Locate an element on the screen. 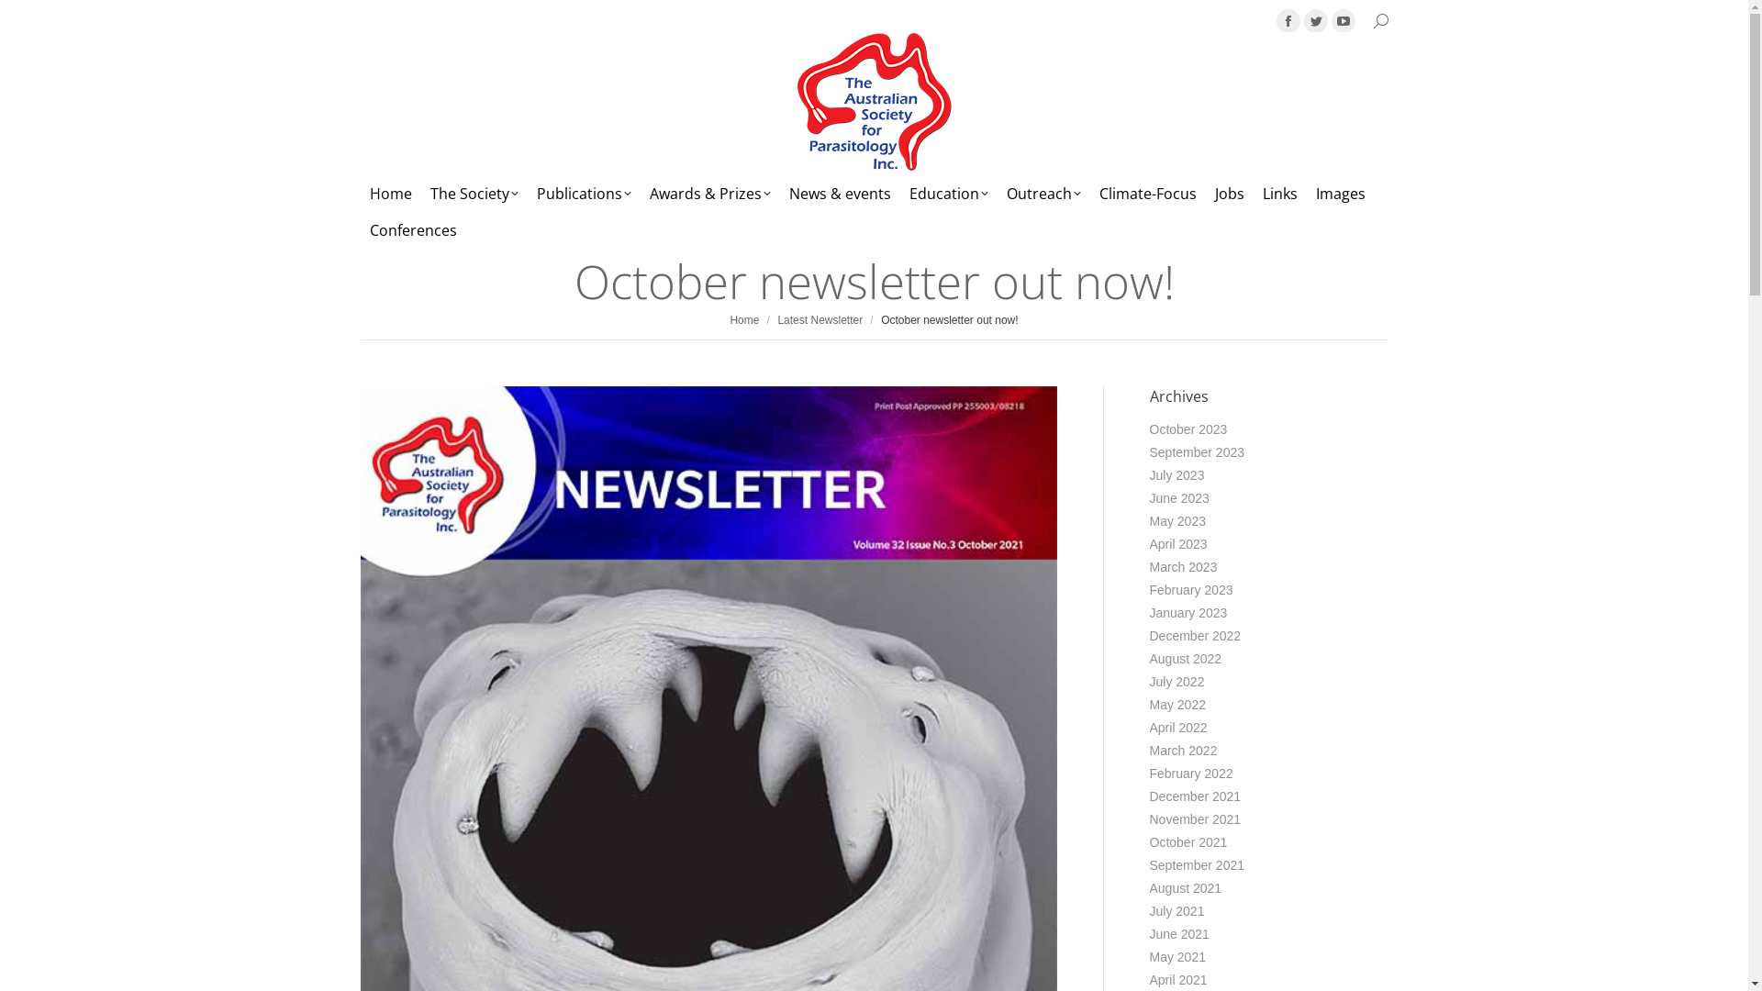 The height and width of the screenshot is (991, 1762). 'May 2023' is located at coordinates (1148, 520).